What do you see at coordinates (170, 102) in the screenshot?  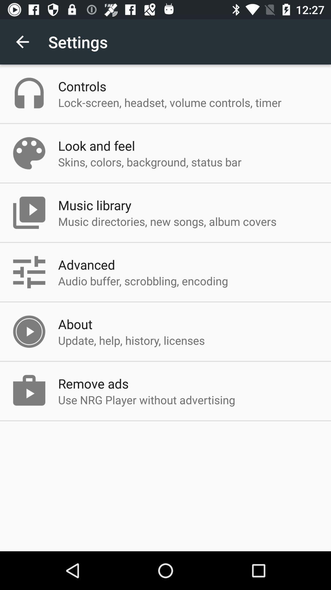 I see `the lock screen headset item` at bounding box center [170, 102].